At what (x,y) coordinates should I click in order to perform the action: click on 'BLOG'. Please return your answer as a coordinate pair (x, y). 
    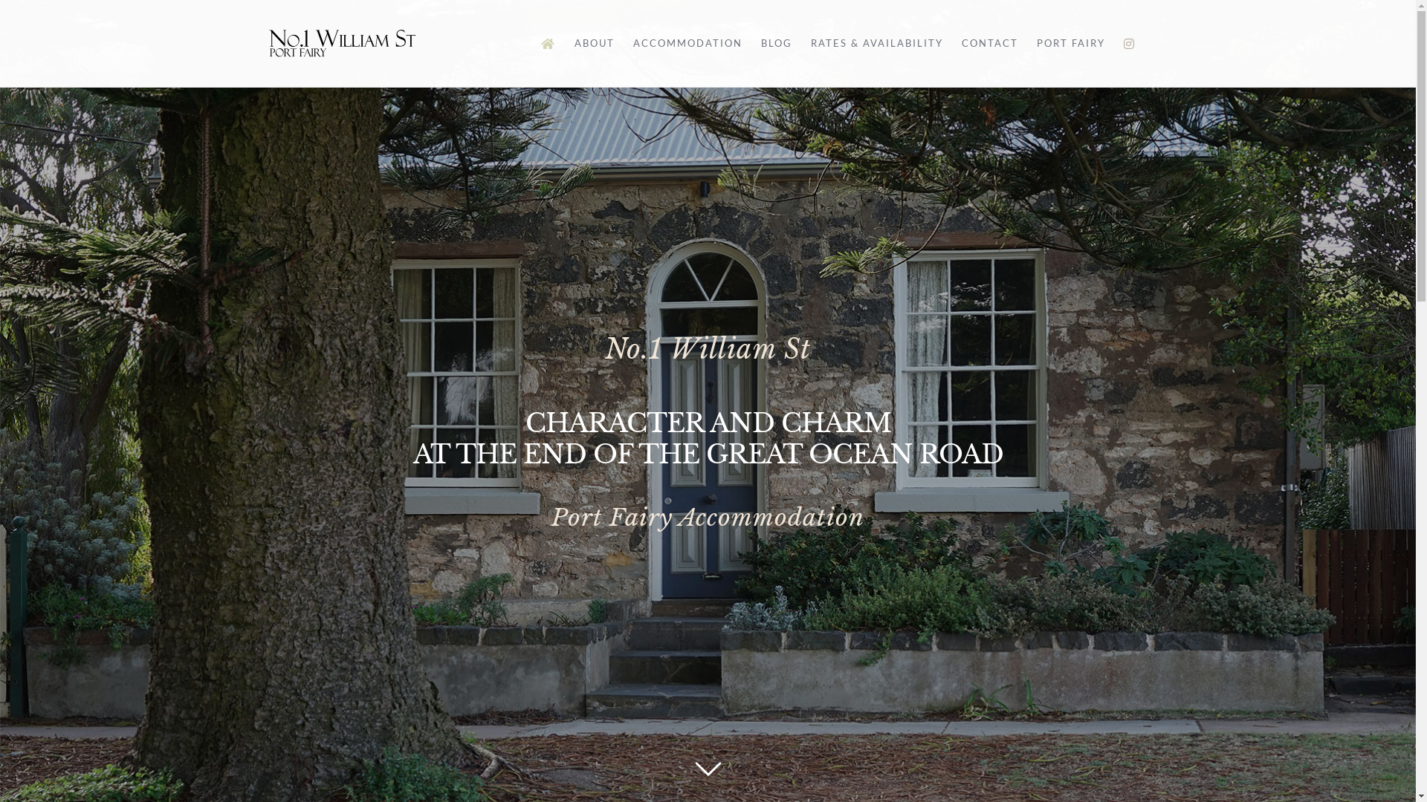
    Looking at the image, I should click on (760, 42).